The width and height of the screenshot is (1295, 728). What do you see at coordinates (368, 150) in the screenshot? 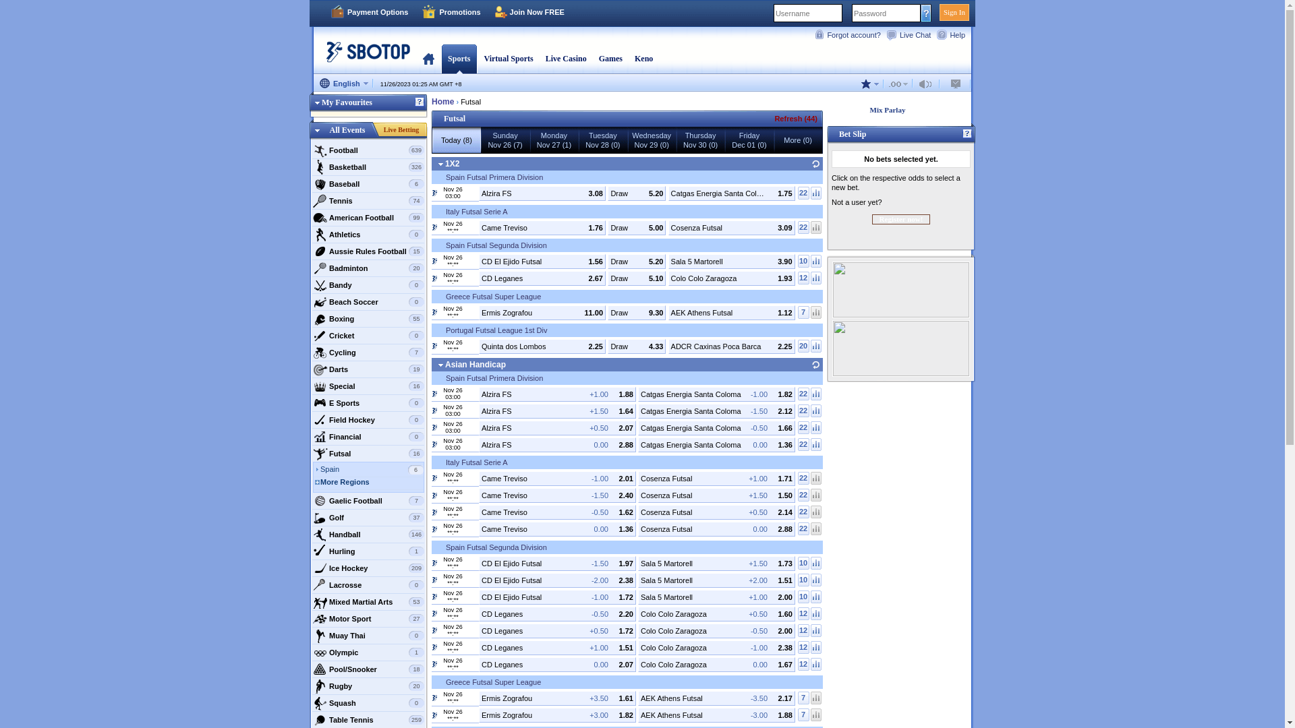
I see `'Football` at bounding box center [368, 150].